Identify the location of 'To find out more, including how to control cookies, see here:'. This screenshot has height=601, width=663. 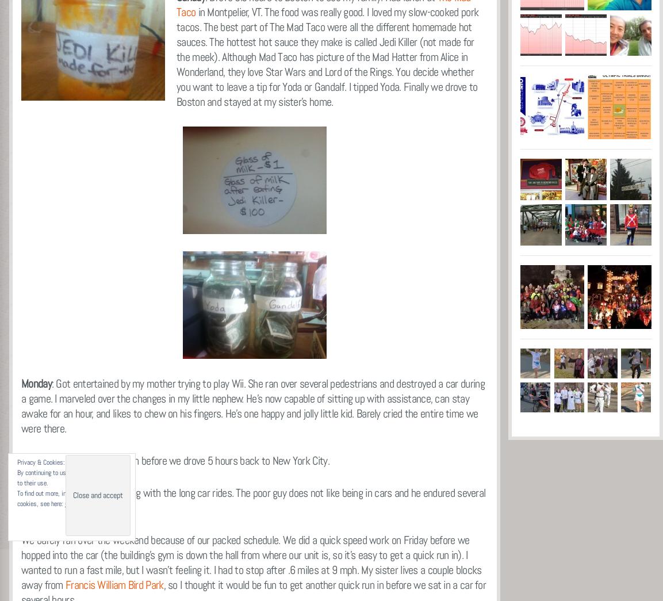
(16, 498).